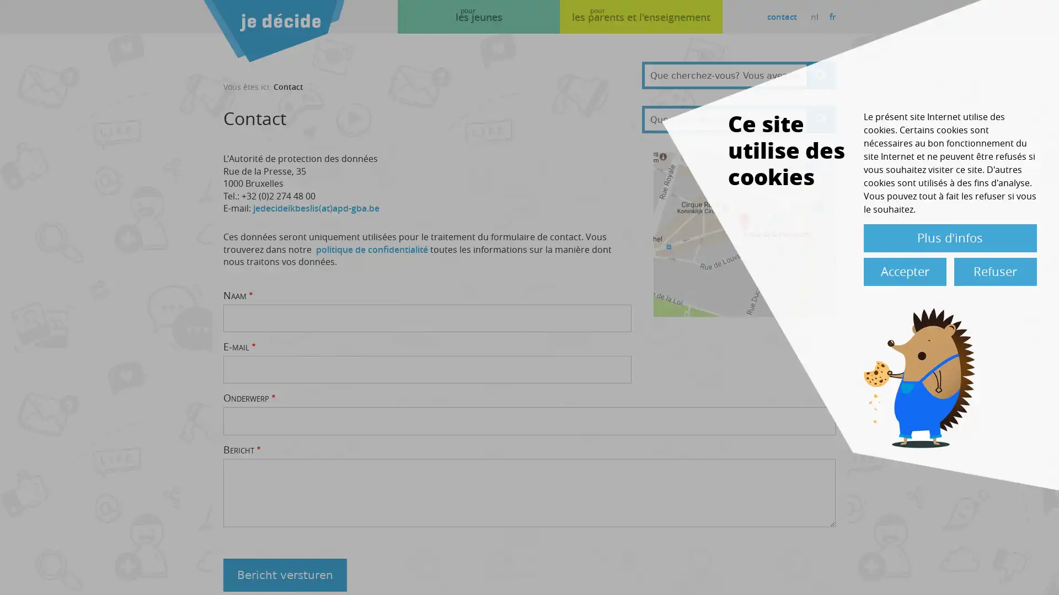 This screenshot has height=595, width=1059. Describe the element at coordinates (285, 574) in the screenshot. I see `Bericht versturen` at that location.